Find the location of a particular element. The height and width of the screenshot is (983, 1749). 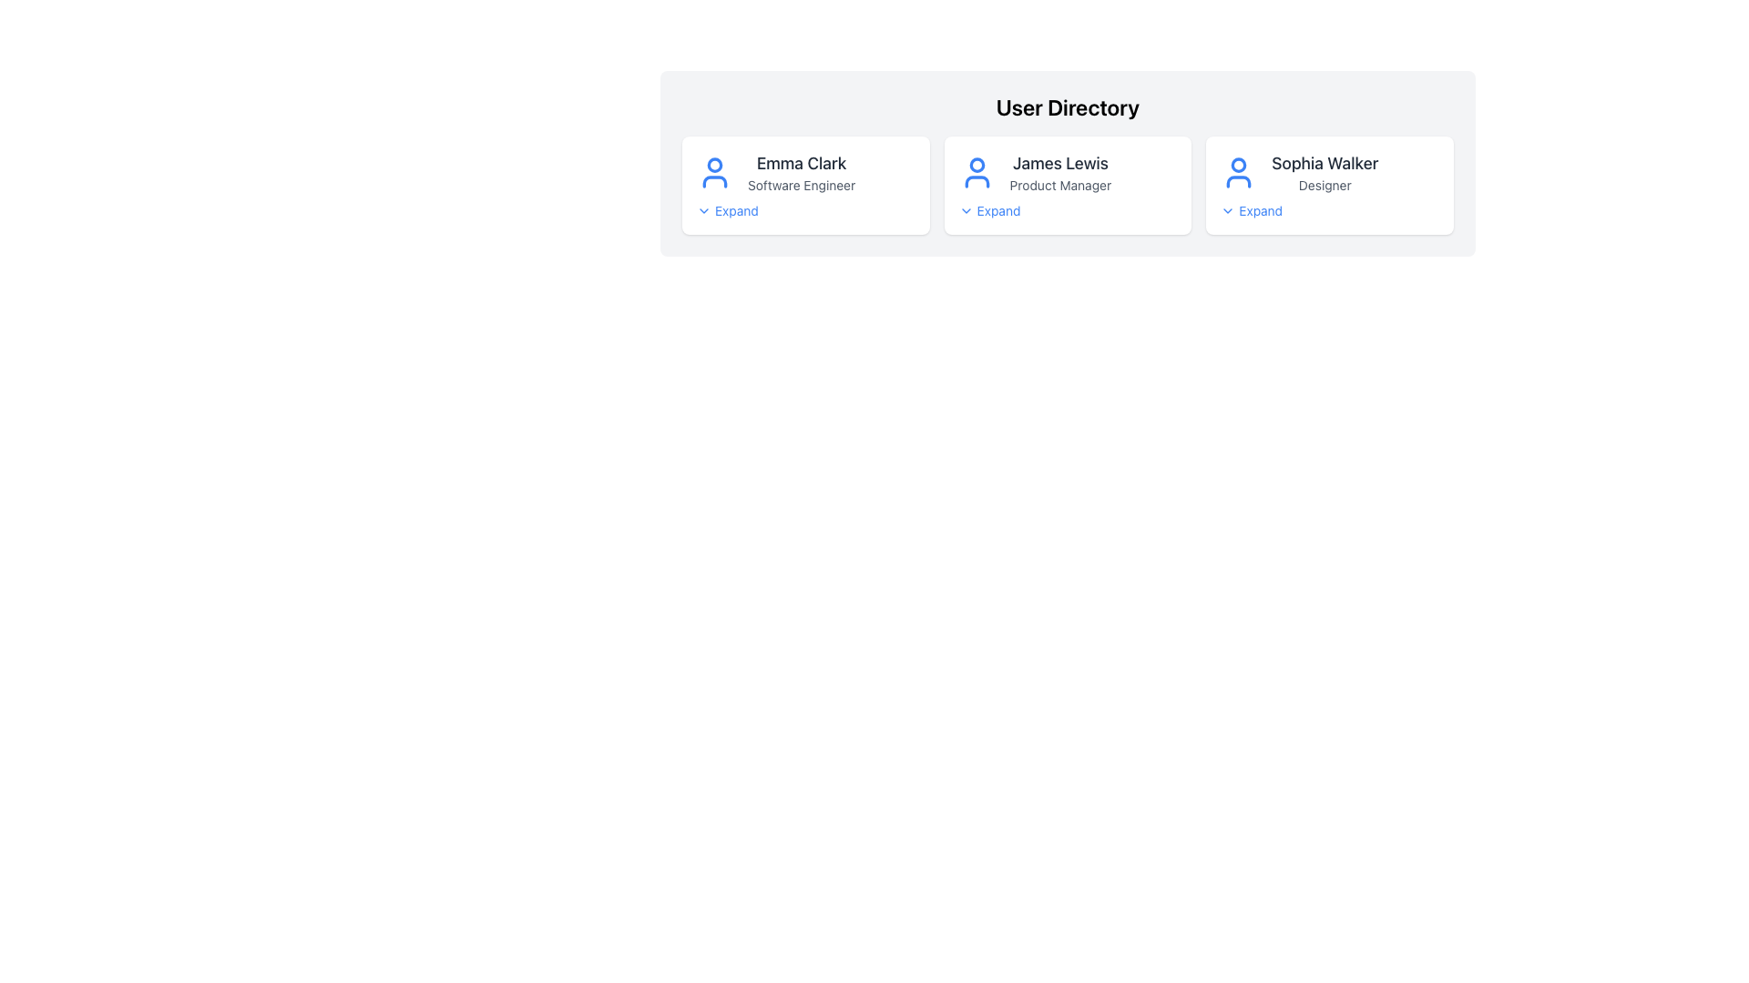

user details presented in the user profile preview card located in the second column of a 3-column grid layout, between the cards for 'Emma Clark' and 'Sophia Walker' is located at coordinates (1068, 186).